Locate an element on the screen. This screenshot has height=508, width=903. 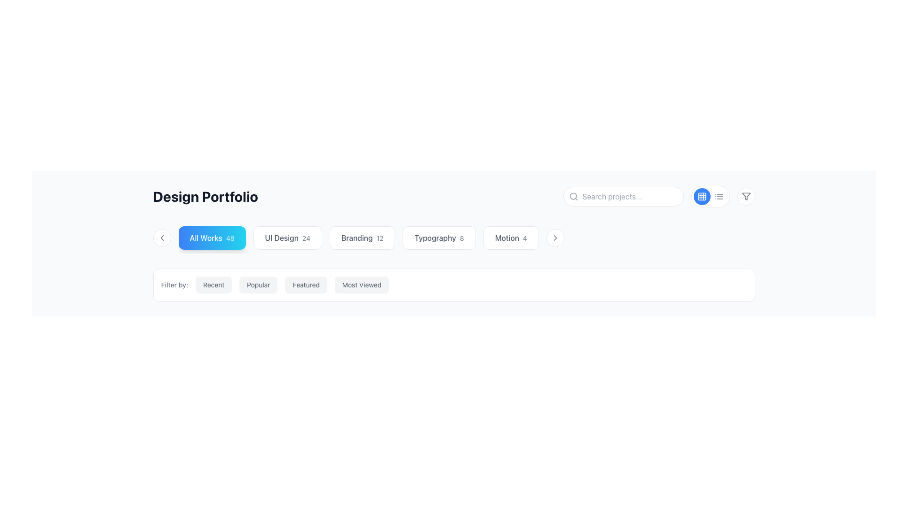
the third interactive clickable tag in the horizontal scrollable bar, located centrally beneath the title 'Design Portfolio', to filter by this category is located at coordinates (358, 237).